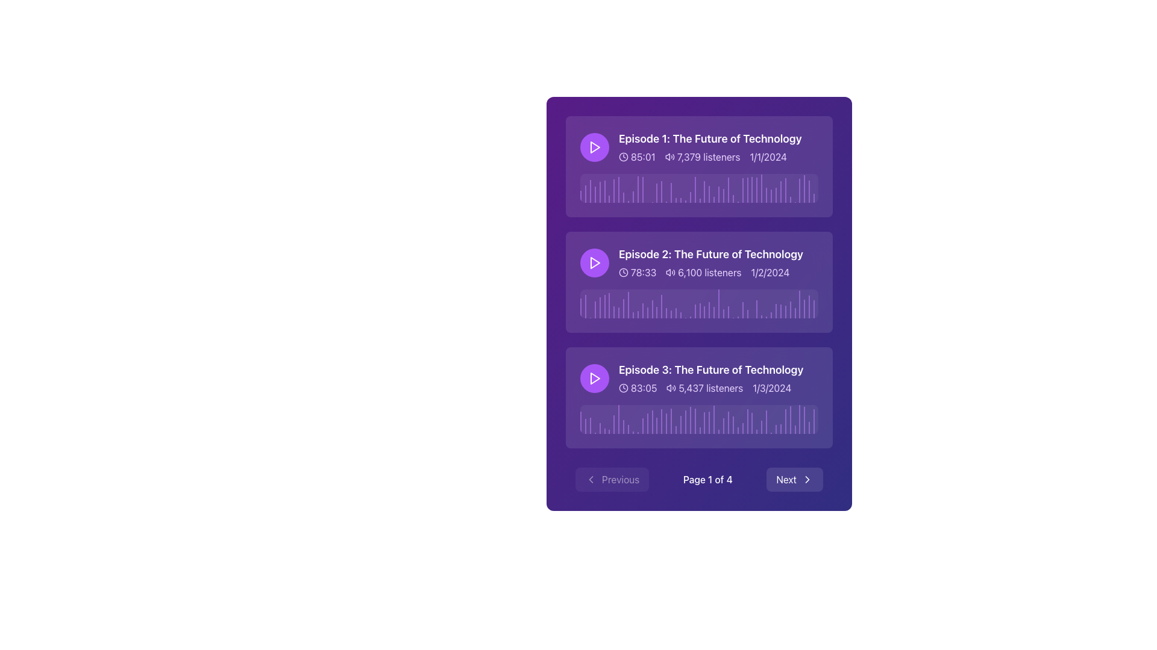 This screenshot has height=650, width=1157. I want to click on the 38th vertical purple waveform bar representing an audio track, which has a translucent texture and is located near the right end of the waveform component, so click(761, 427).